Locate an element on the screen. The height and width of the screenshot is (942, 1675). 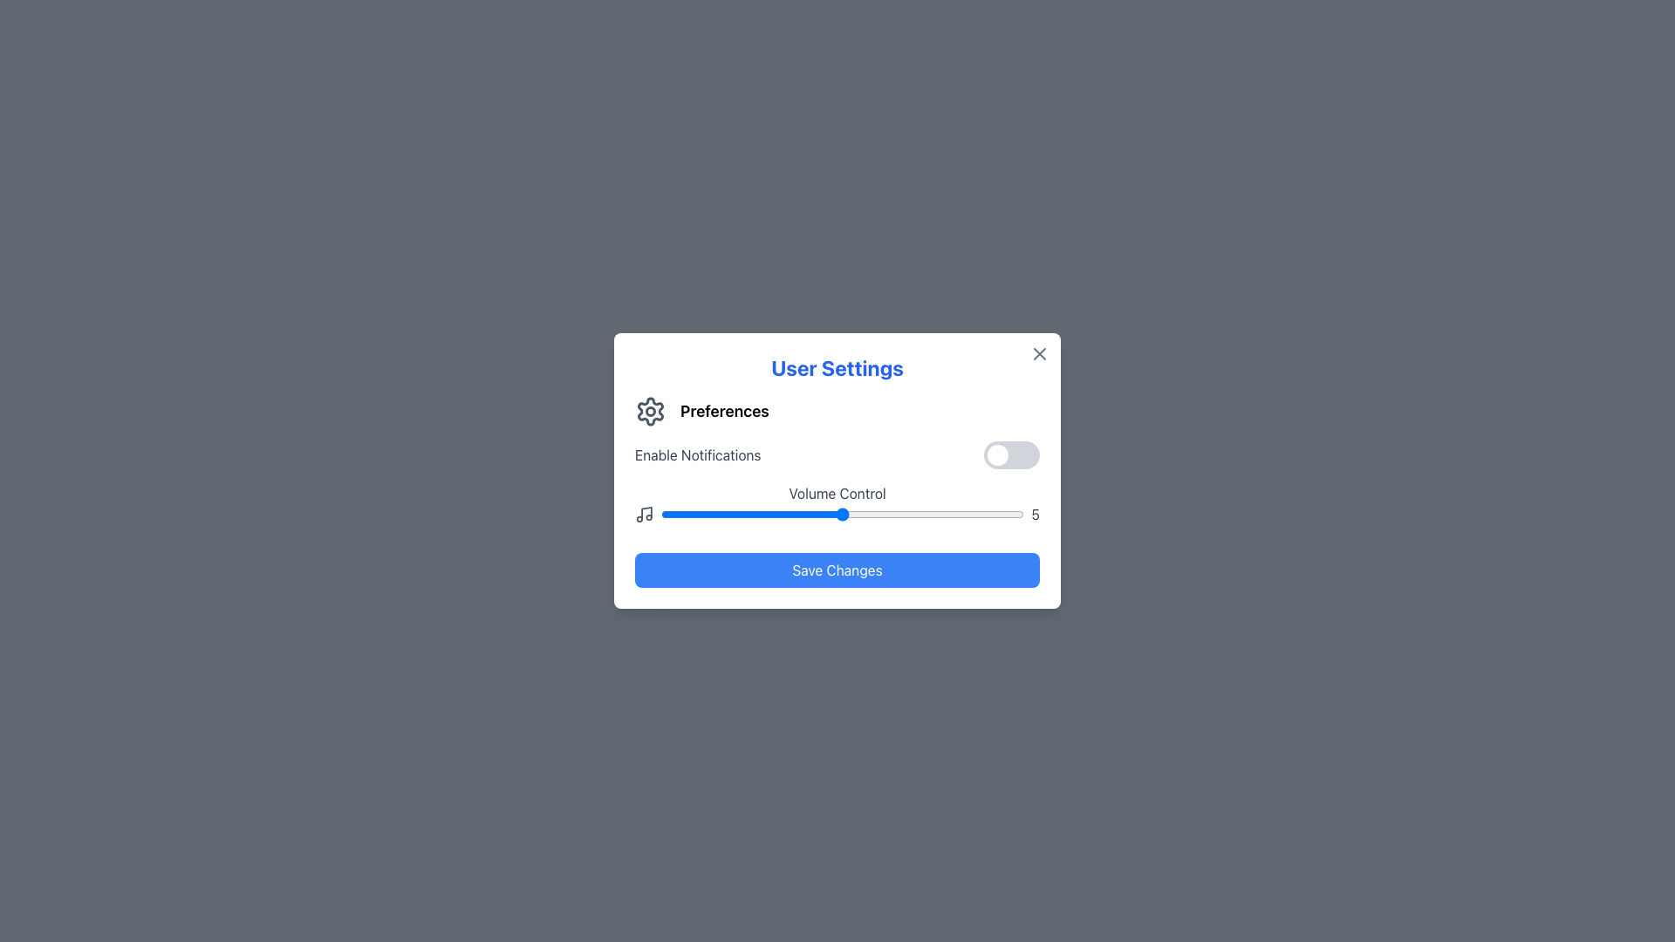
the small circular icon styled as a dot within the settings icon, located at the top-left area of the interface window, next to the 'Preferences' label is located at coordinates (649, 411).